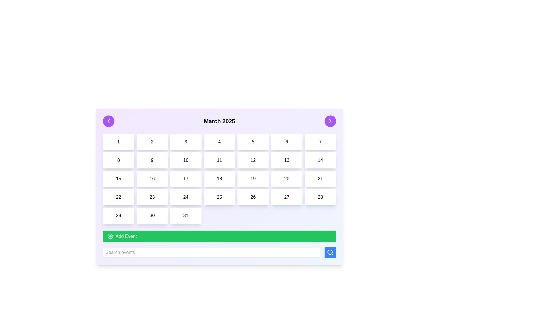 The width and height of the screenshot is (552, 311). Describe the element at coordinates (253, 160) in the screenshot. I see `the calendar cell representing the twelfth day of March 2025, located in the second row and sixth column of the grid` at that location.